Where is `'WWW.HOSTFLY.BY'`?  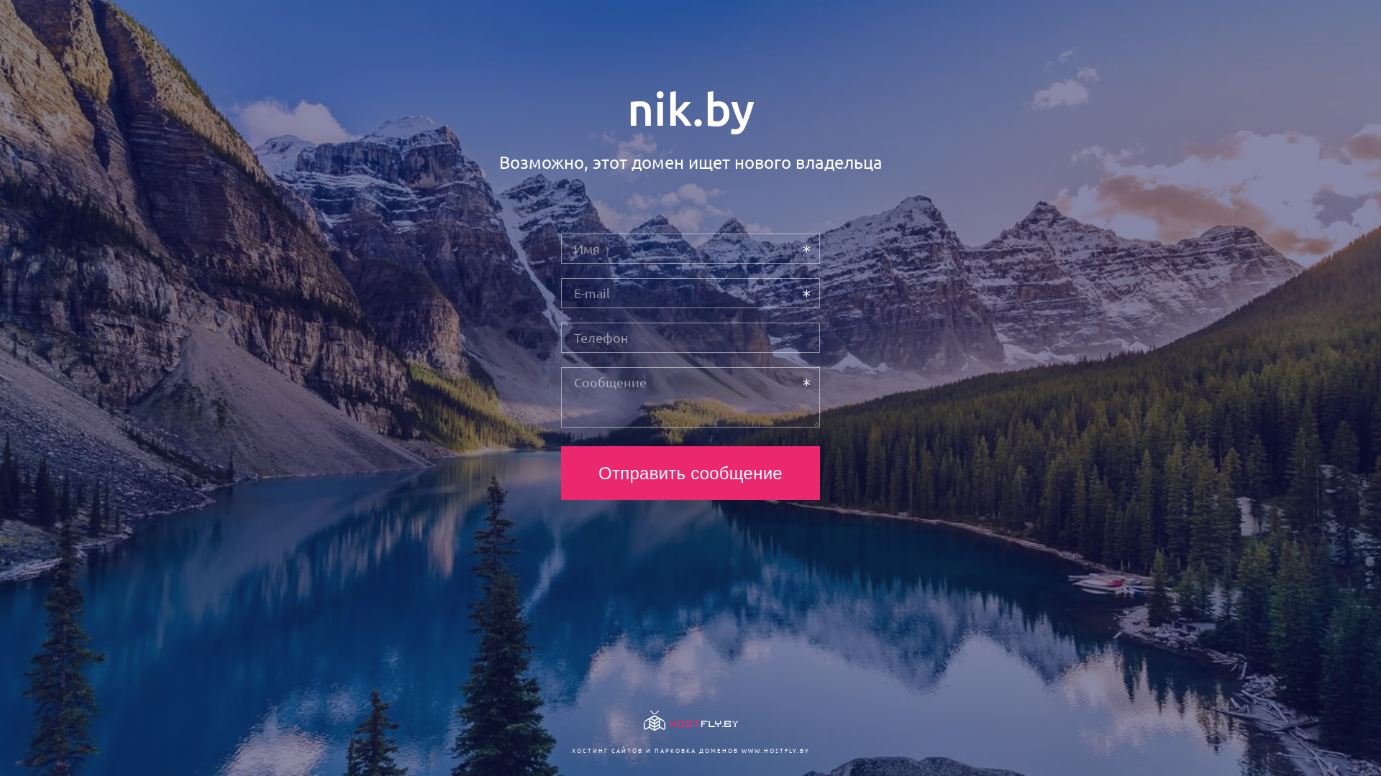
'WWW.HOSTFLY.BY' is located at coordinates (741, 749).